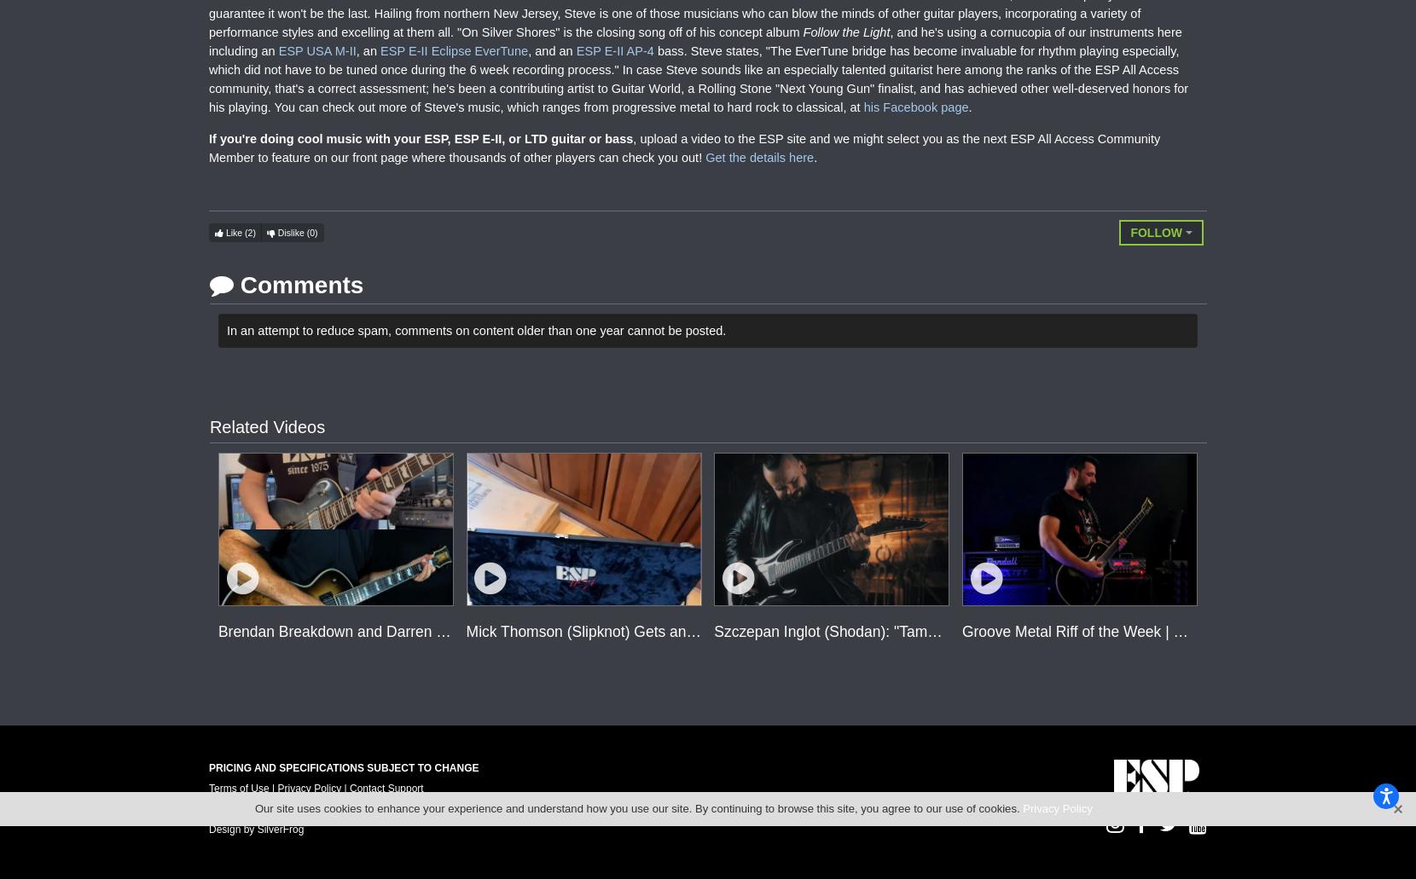 This screenshot has height=879, width=1416. I want to click on '"The EverTune bridge has become invaluable for rhythm playing especially, which did not have to be tuned once during the 6 week recording process." In case Steve sounds like an especially talented guitarist here among the ranks of the ESP All Access community, that's a correct assessment;', so click(693, 69).